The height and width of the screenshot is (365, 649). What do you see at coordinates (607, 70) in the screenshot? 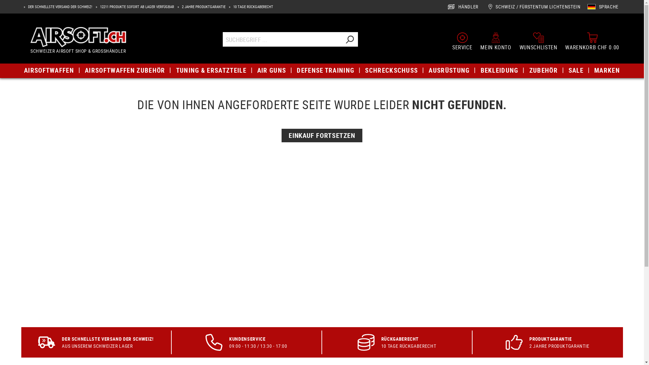
I see `'MARKEN'` at bounding box center [607, 70].